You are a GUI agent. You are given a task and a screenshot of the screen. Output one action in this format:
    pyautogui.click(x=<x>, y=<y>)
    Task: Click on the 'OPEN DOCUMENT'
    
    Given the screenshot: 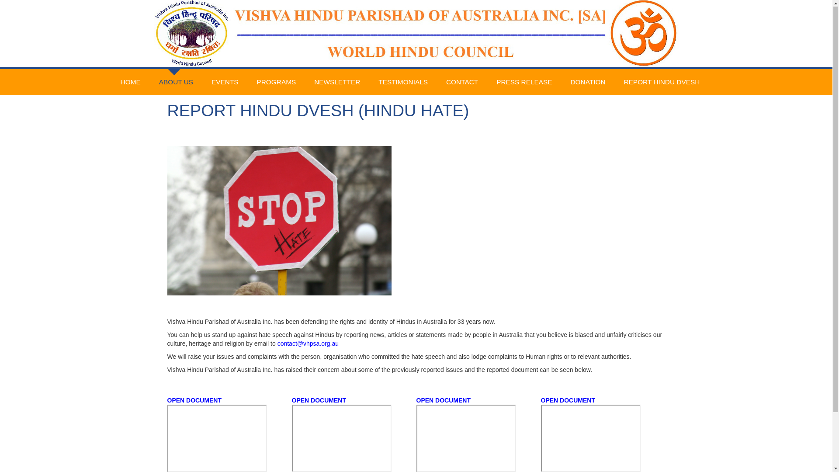 What is the action you would take?
    pyautogui.click(x=568, y=401)
    